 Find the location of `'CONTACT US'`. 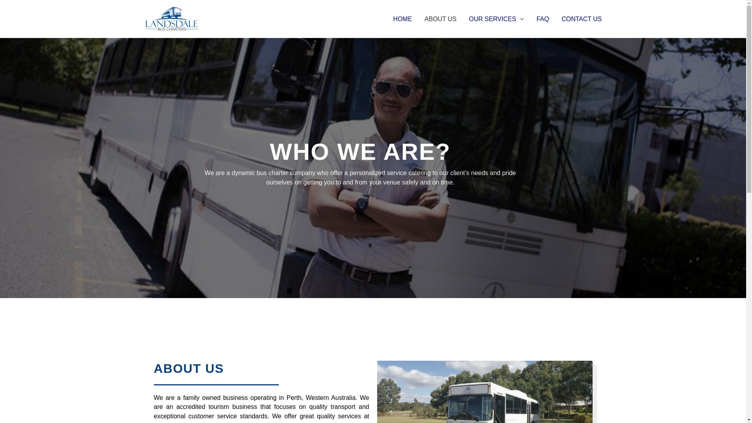

'CONTACT US' is located at coordinates (582, 18).